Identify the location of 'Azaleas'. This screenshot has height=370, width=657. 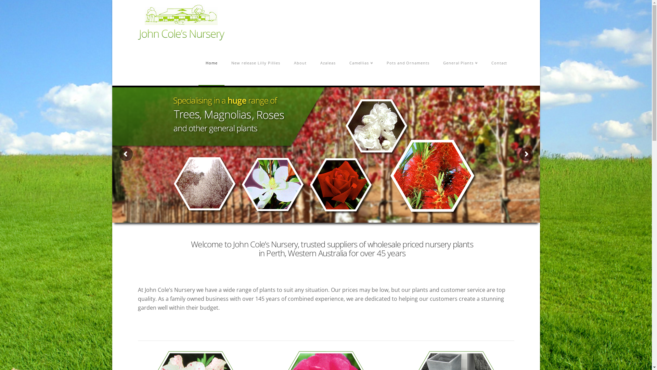
(313, 62).